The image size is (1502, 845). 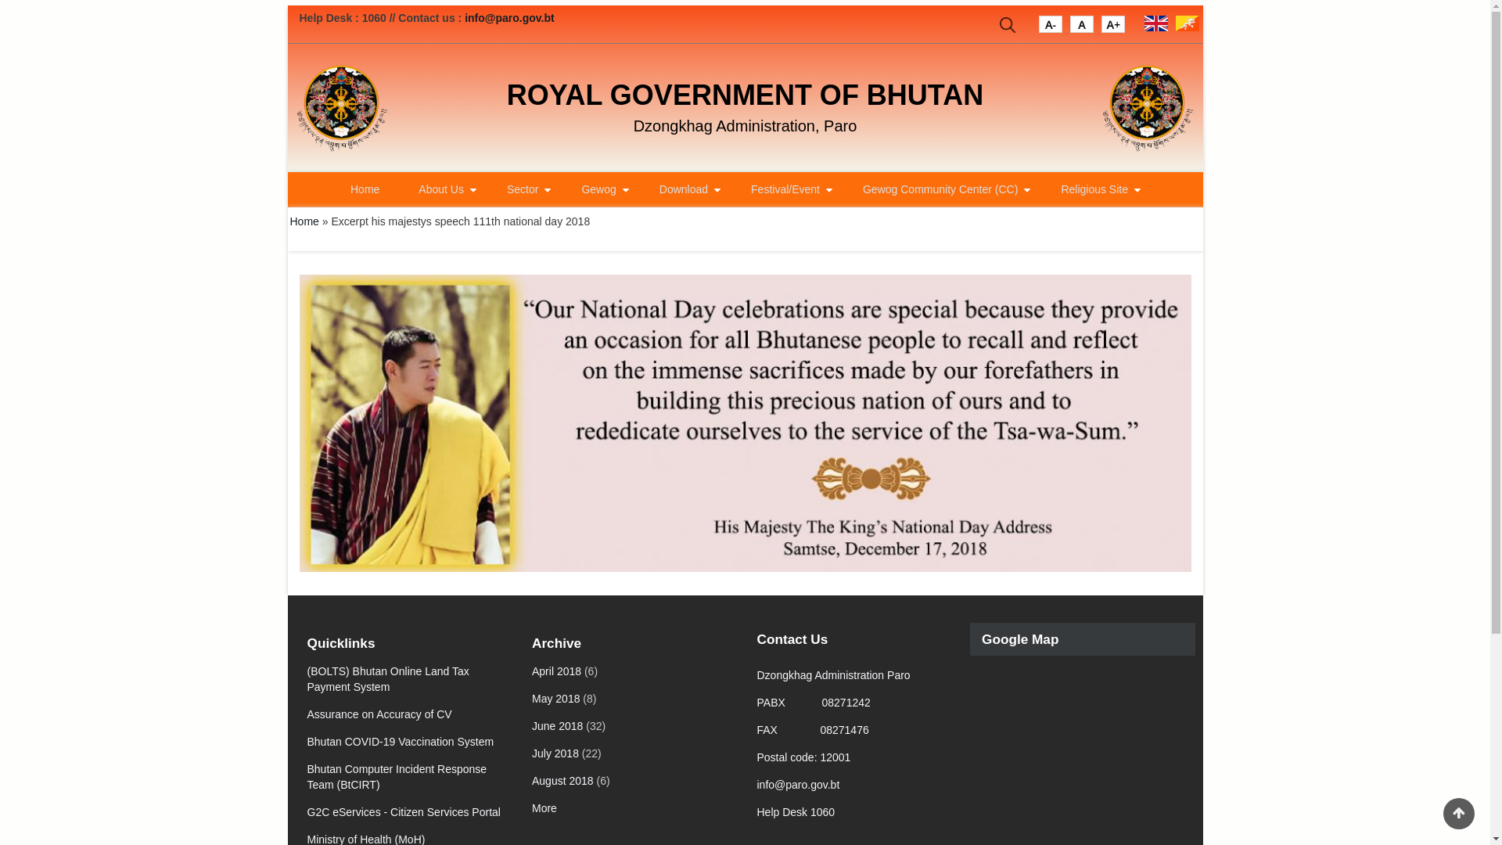 I want to click on '(BOLTS) Bhutan Online Land Tax Payment System', so click(x=387, y=678).